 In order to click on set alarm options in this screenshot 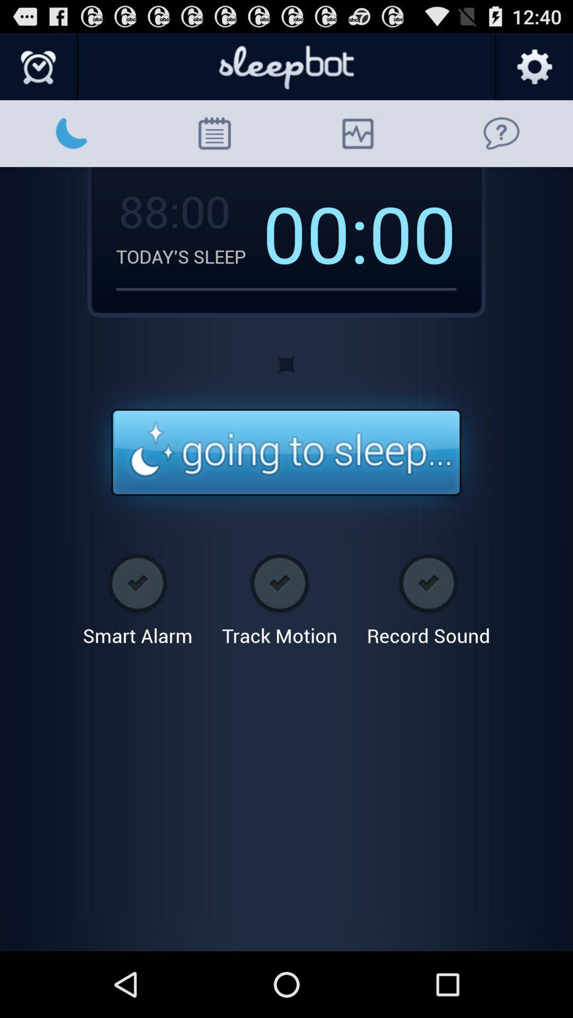, I will do `click(38, 67)`.